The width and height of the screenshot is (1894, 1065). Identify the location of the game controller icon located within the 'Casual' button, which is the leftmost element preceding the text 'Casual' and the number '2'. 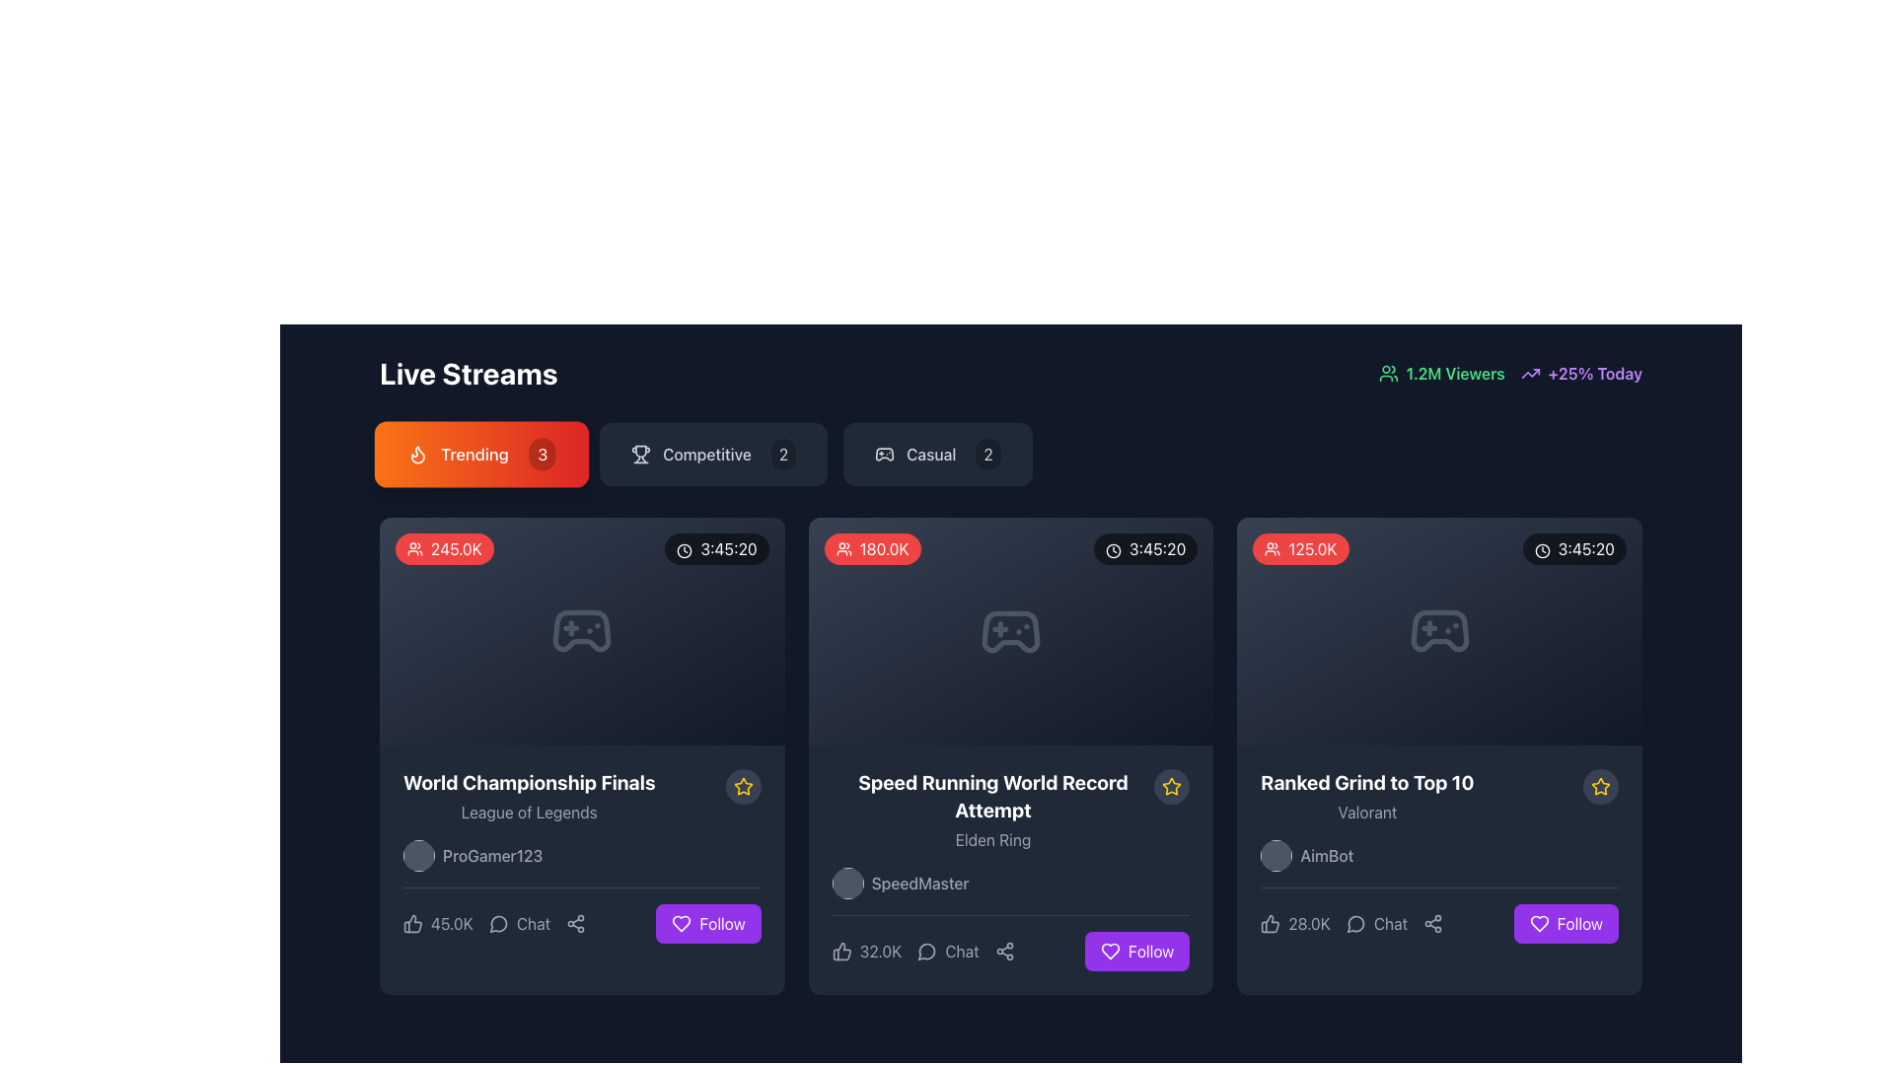
(884, 455).